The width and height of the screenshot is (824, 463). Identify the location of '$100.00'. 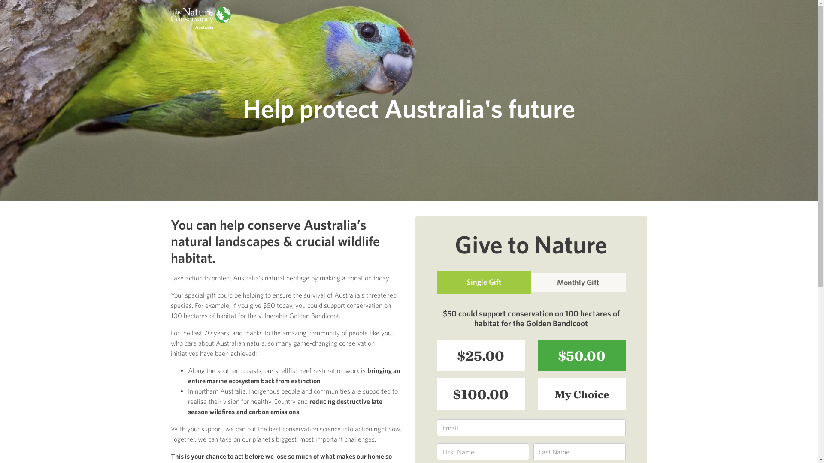
(481, 394).